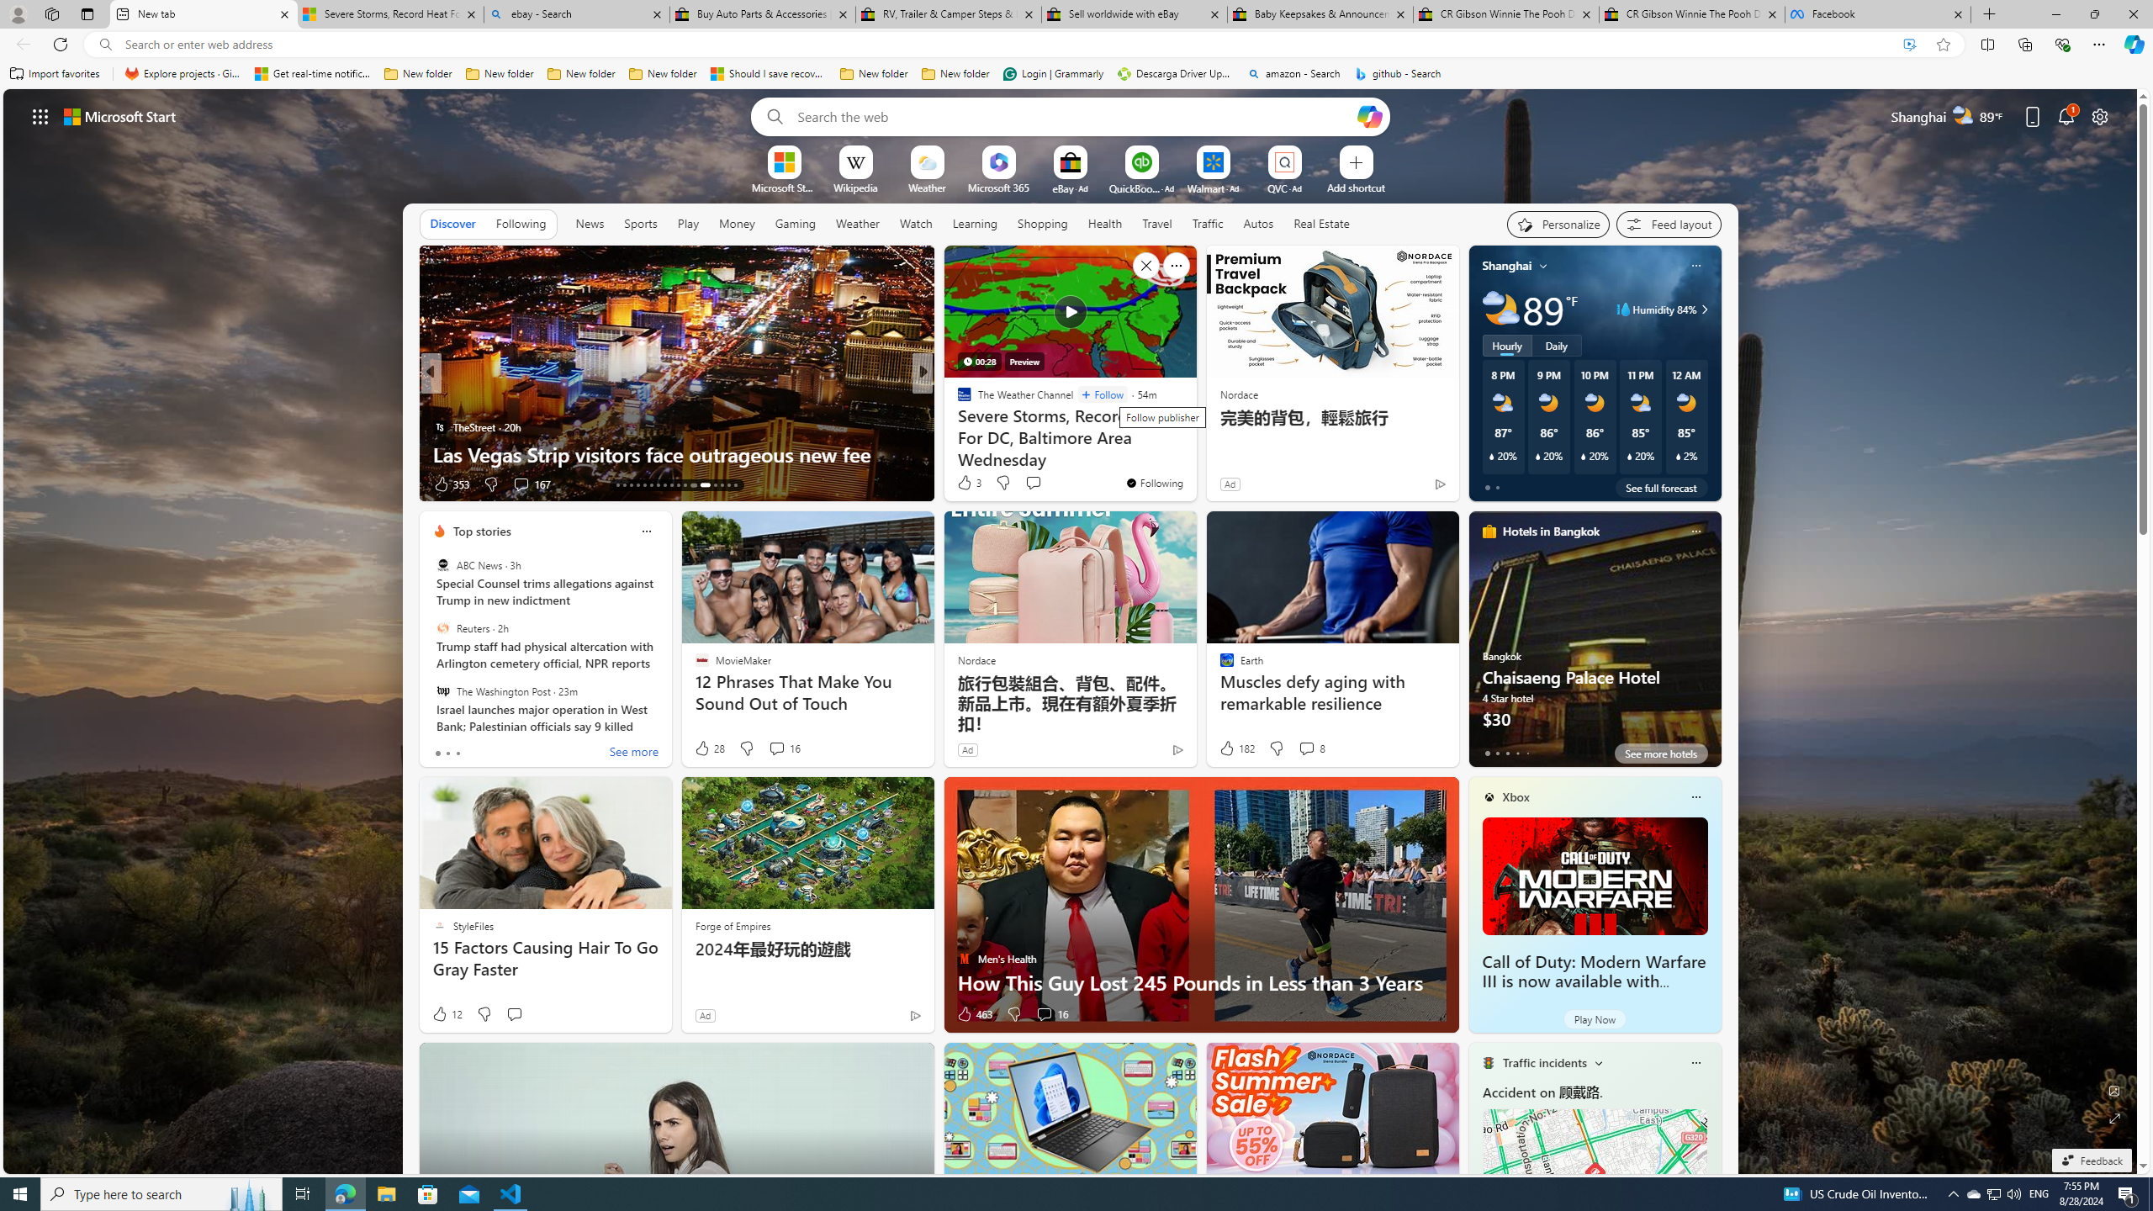 This screenshot has height=1211, width=2153. What do you see at coordinates (1703, 309) in the screenshot?
I see `'Class: weather-arrow-glyph'` at bounding box center [1703, 309].